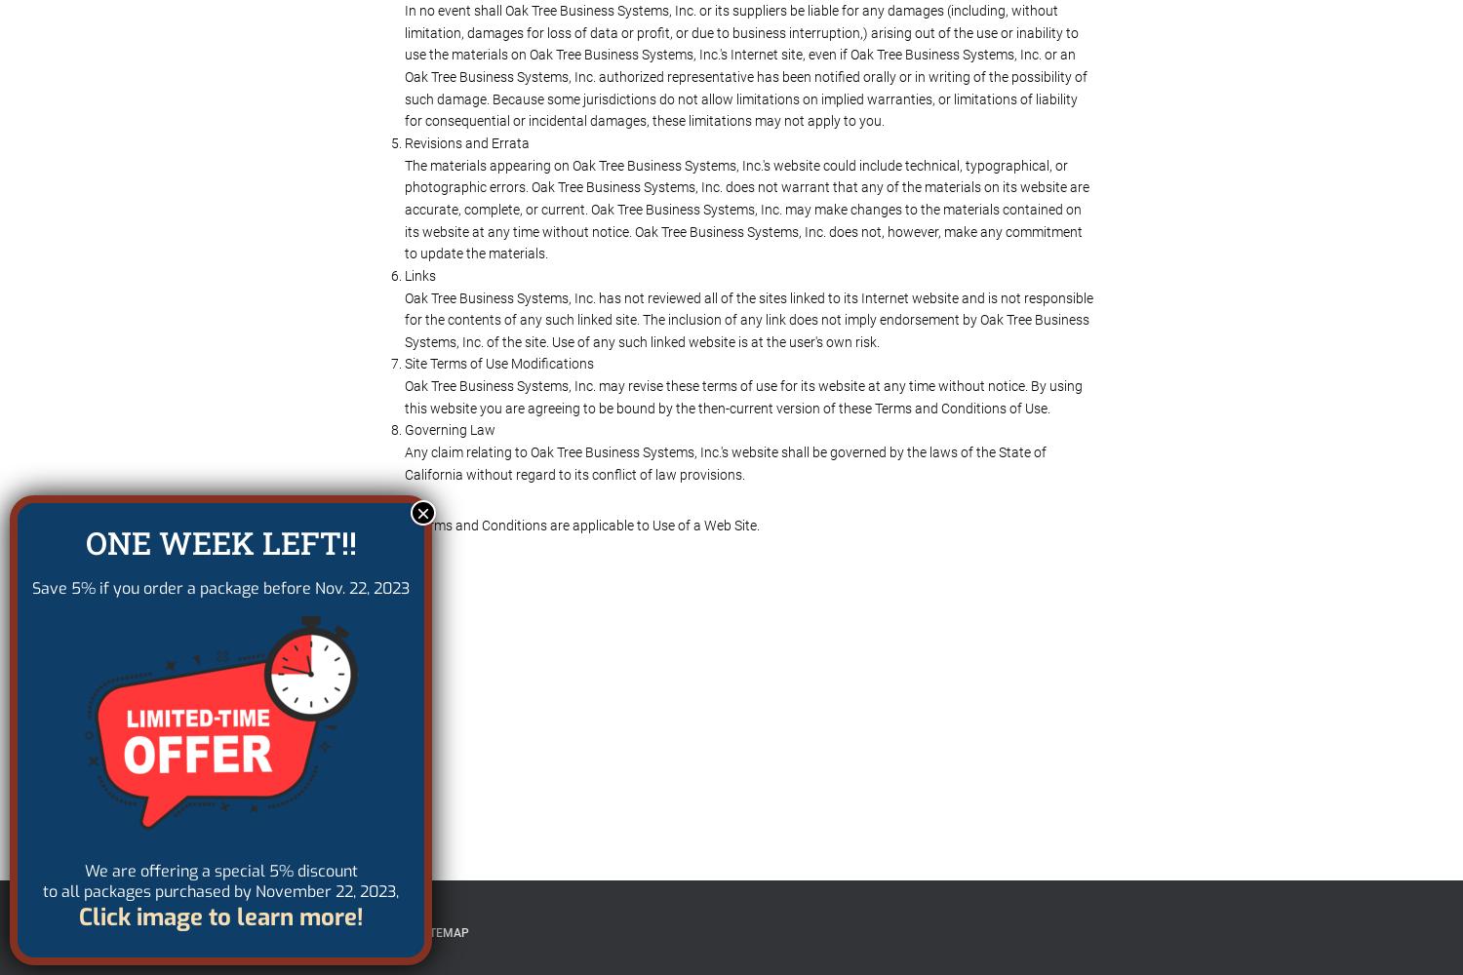  Describe the element at coordinates (725, 461) in the screenshot. I see `'Any claim relating to Oak Tree Business Systems, Inc.'s website shall be governed by the laws of the State of California without regard to its conflict of law provisions.'` at that location.